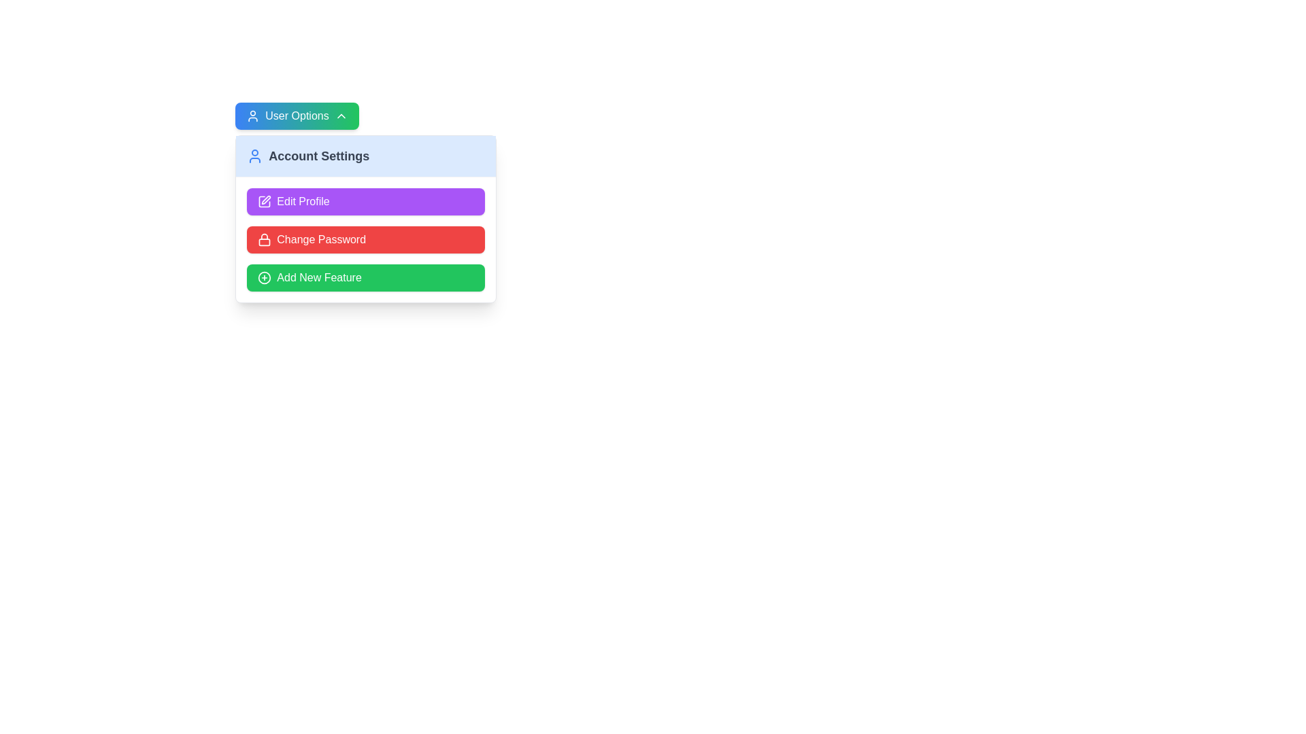  I want to click on the lock icon within the 'Change Password' button located in the 'Account Settings' section, which visually indicates an account security action, so click(265, 239).